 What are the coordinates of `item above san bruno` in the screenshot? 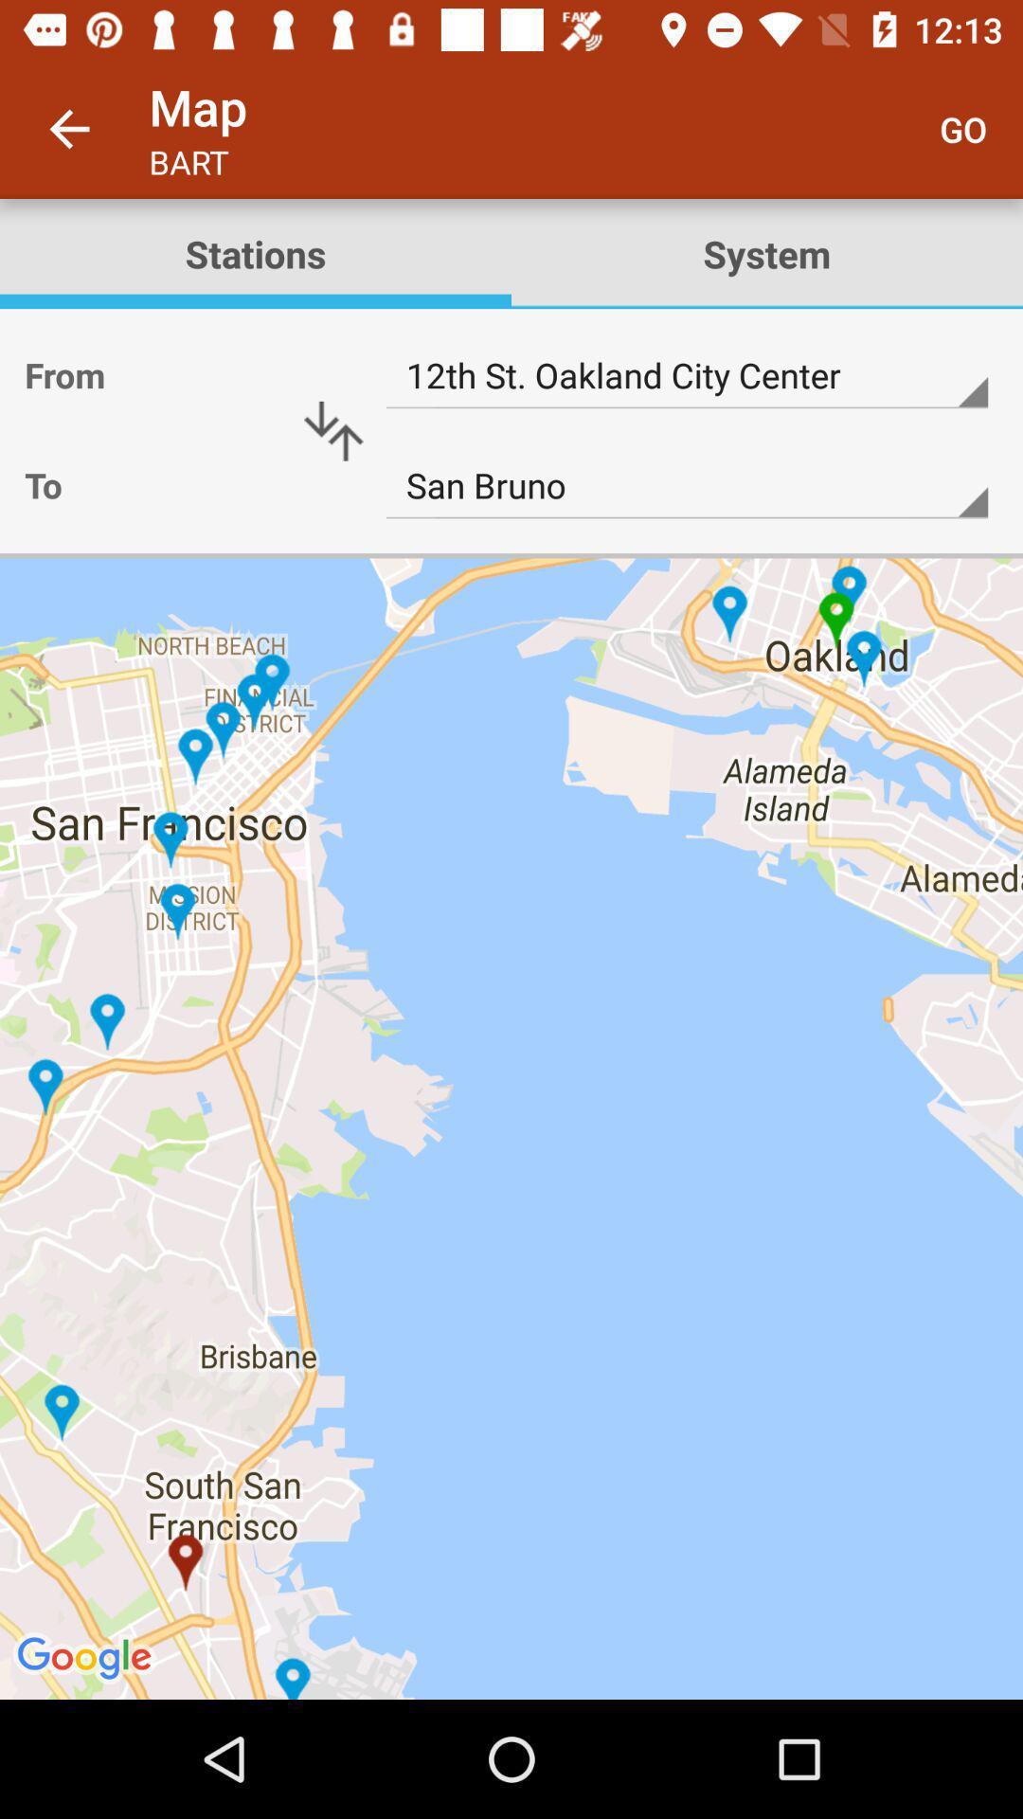 It's located at (687, 376).